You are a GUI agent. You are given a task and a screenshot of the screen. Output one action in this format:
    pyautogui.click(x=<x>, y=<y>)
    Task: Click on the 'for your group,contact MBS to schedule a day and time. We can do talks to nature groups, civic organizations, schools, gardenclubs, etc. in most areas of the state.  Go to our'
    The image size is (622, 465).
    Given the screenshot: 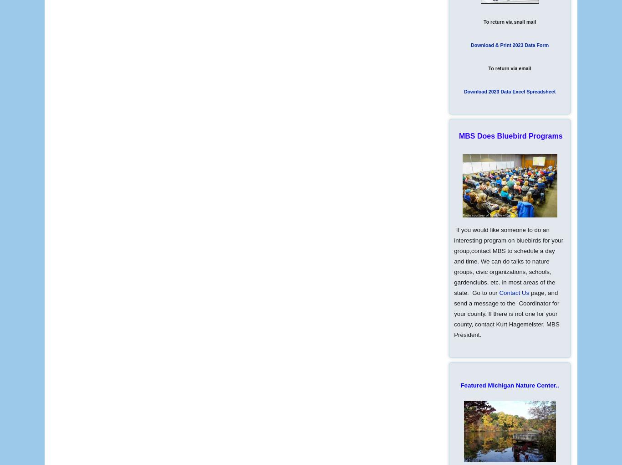 What is the action you would take?
    pyautogui.click(x=508, y=266)
    